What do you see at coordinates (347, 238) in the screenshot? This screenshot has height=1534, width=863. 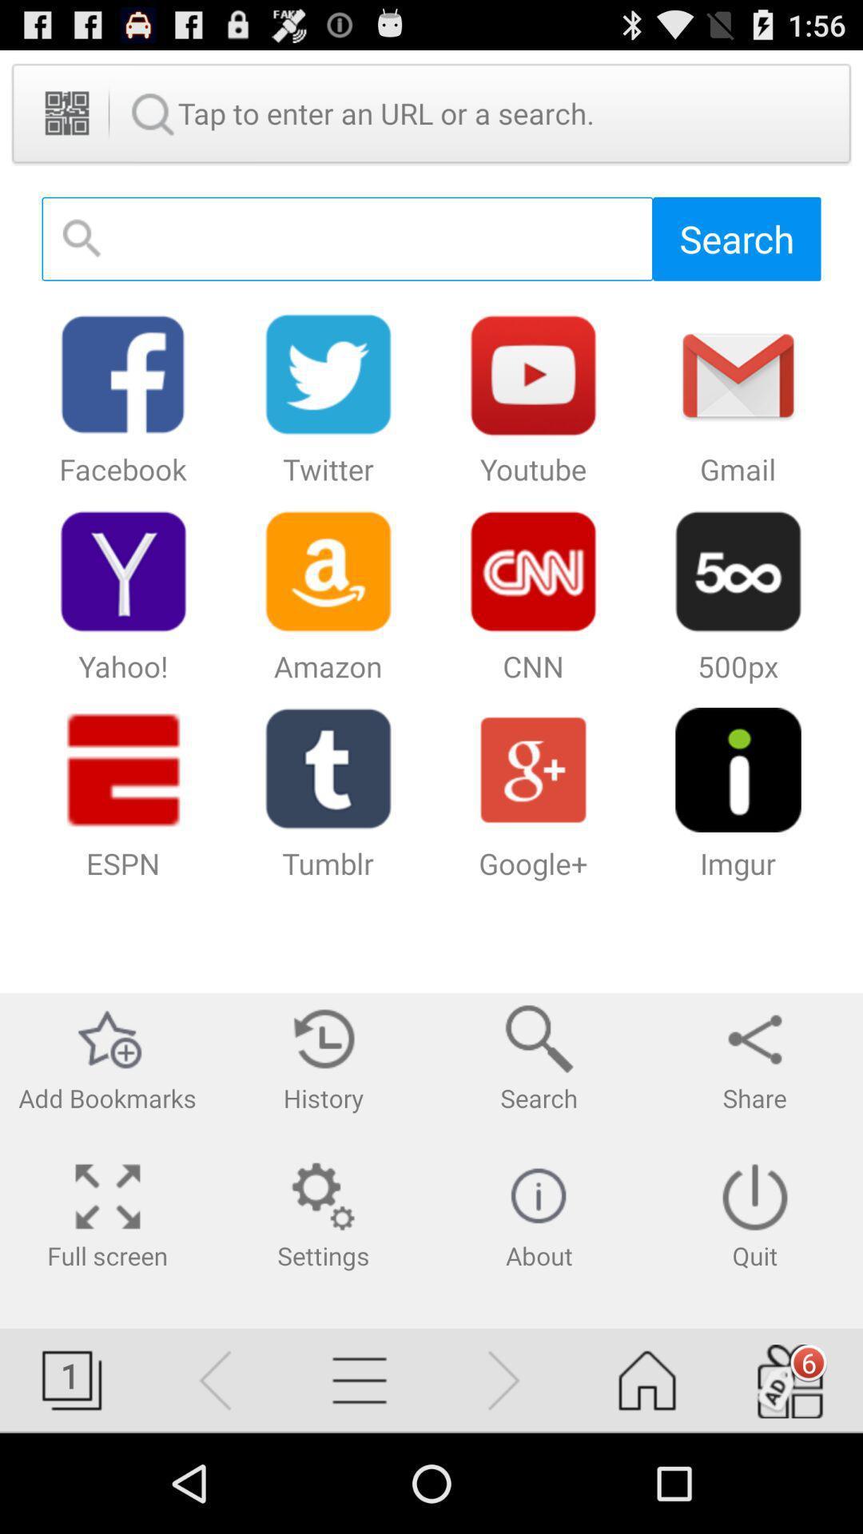 I see `open search bar` at bounding box center [347, 238].